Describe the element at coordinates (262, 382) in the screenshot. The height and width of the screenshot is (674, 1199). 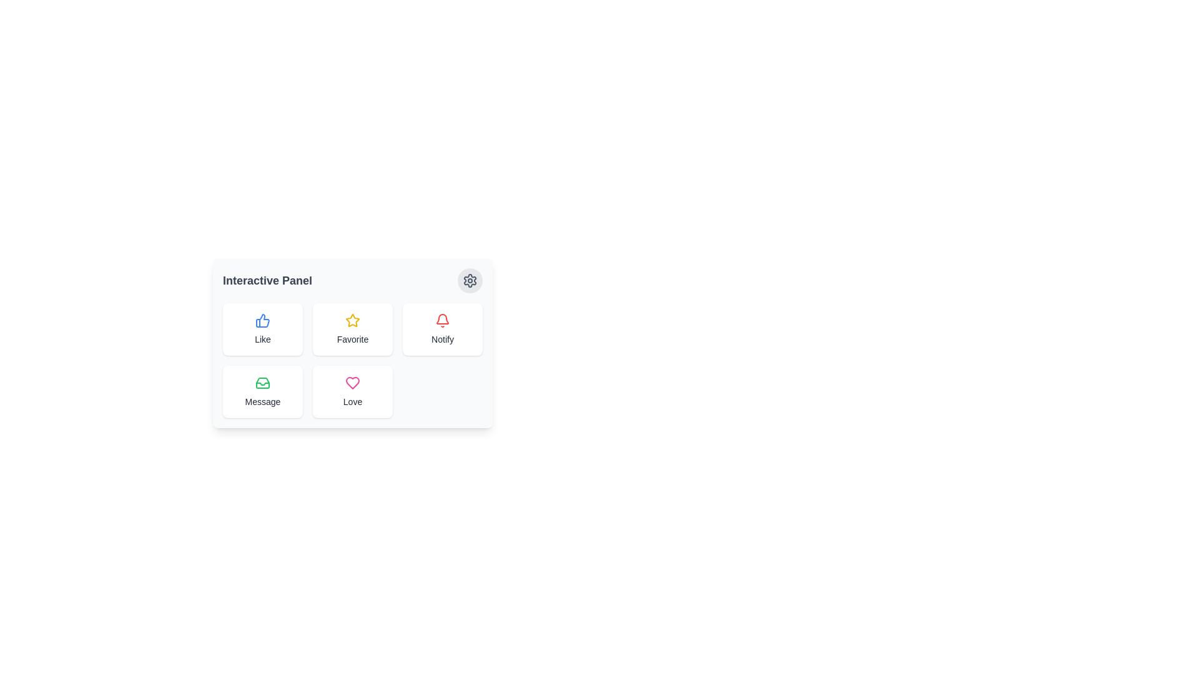
I see `the green outline inbox icon with a downward arrow, located above the 'Message' label in the Interactive Panel` at that location.